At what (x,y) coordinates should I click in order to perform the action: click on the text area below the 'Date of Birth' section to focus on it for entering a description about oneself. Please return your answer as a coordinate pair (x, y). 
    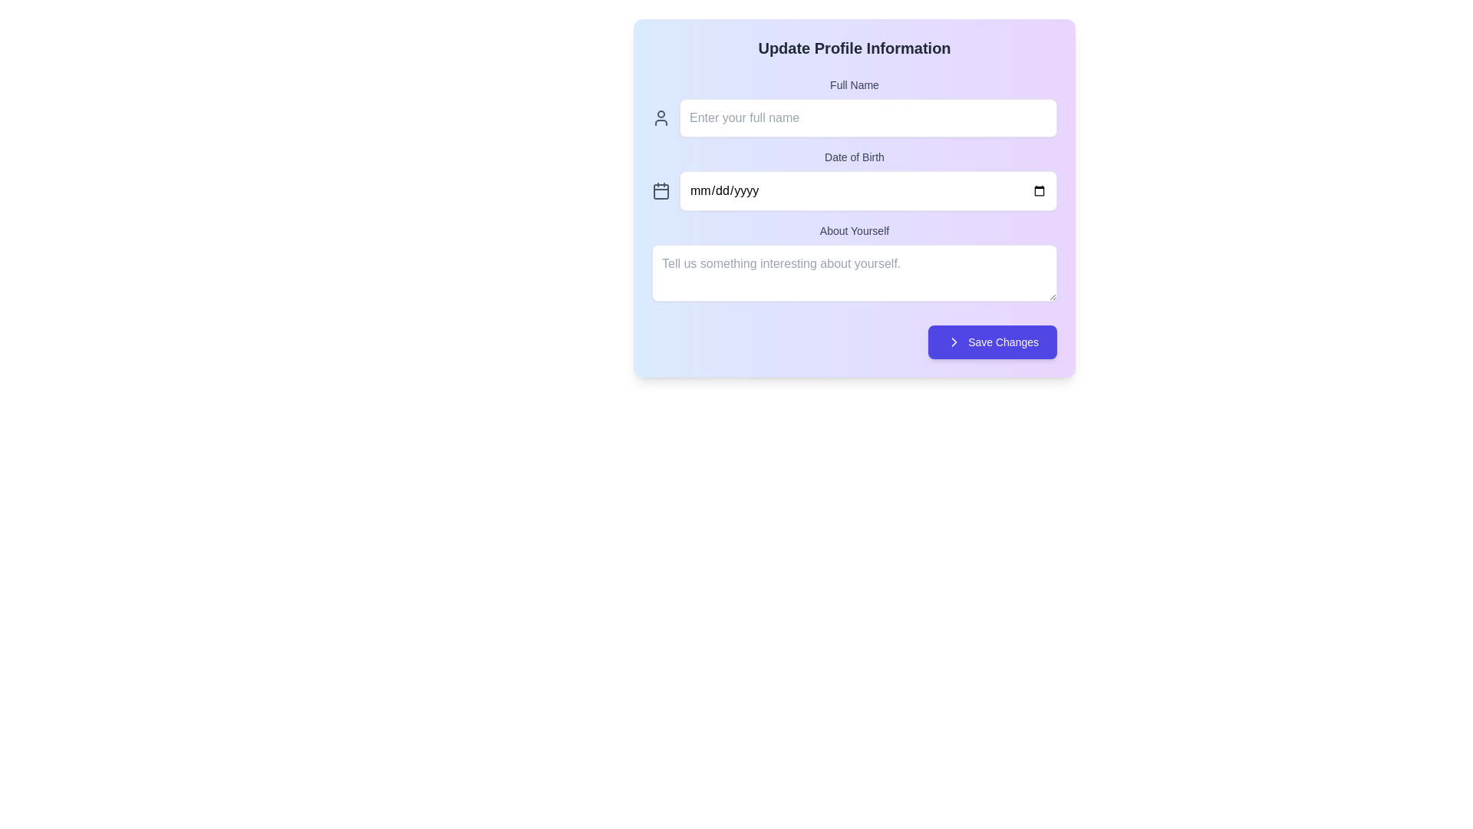
    Looking at the image, I should click on (853, 263).